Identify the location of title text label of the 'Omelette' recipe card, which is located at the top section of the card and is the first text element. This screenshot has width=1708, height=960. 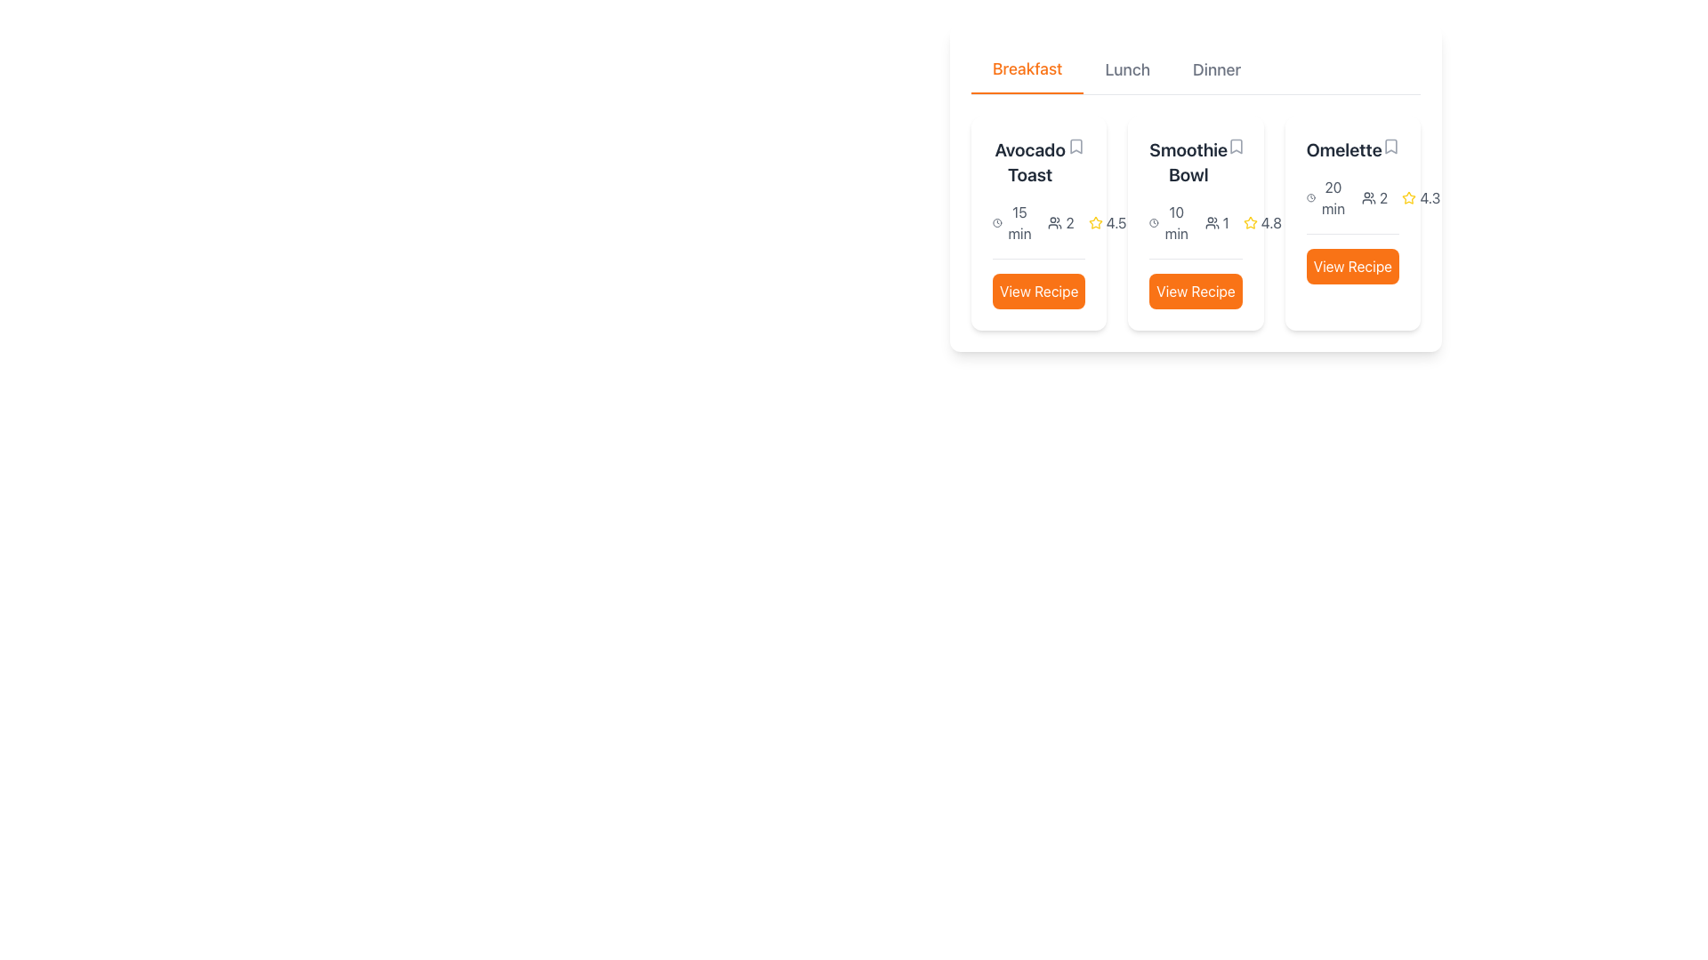
(1352, 149).